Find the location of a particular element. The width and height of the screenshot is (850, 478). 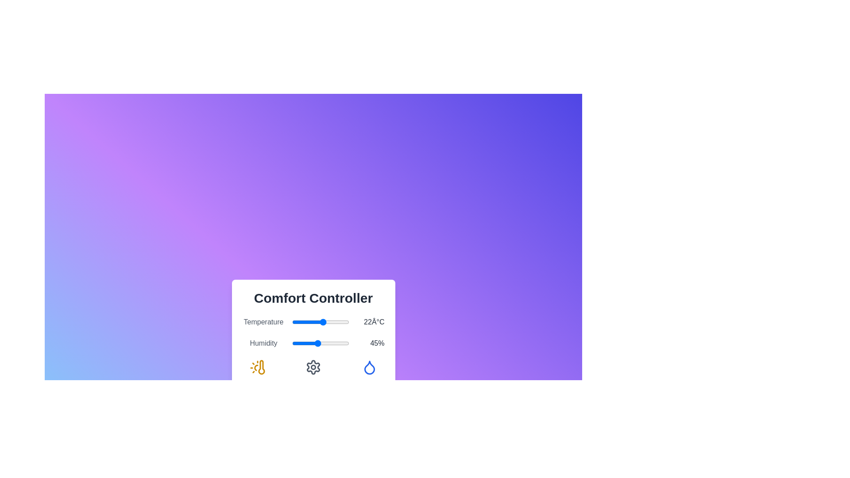

the humidity slider to set the value to 63 is located at coordinates (327, 343).